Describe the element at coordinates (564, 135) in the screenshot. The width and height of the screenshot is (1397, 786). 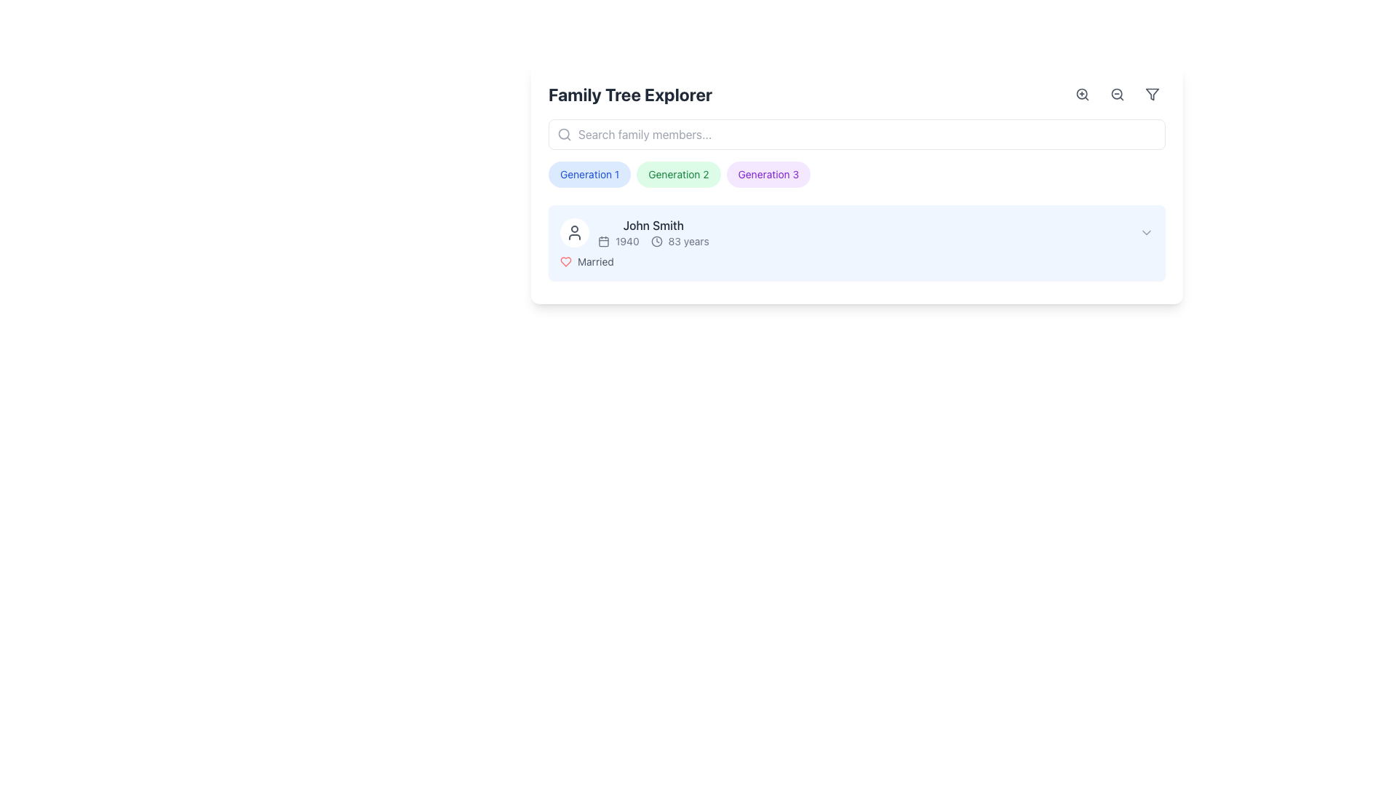
I see `the magnifying glass icon located within the search bar, which is positioned to the left of the placeholder text 'Search family members...'` at that location.